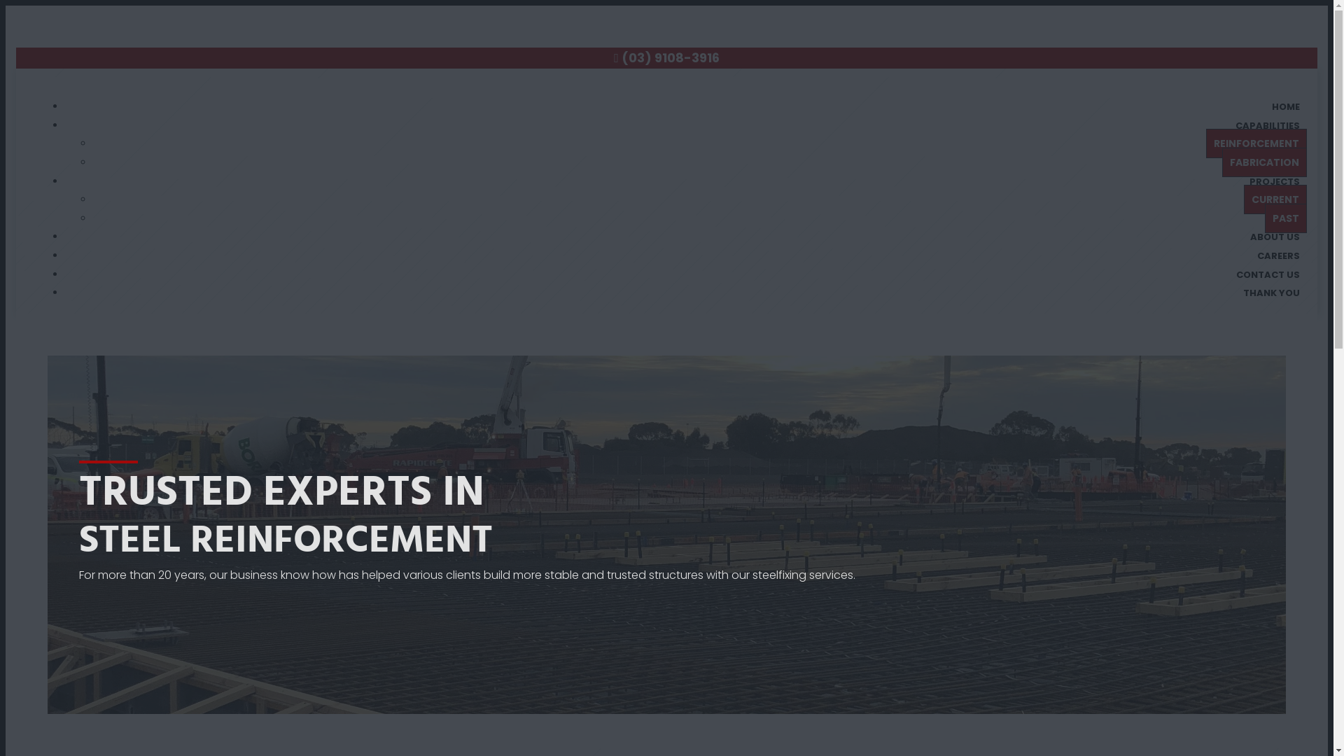 The image size is (1344, 756). What do you see at coordinates (1286, 106) in the screenshot?
I see `'HOME'` at bounding box center [1286, 106].